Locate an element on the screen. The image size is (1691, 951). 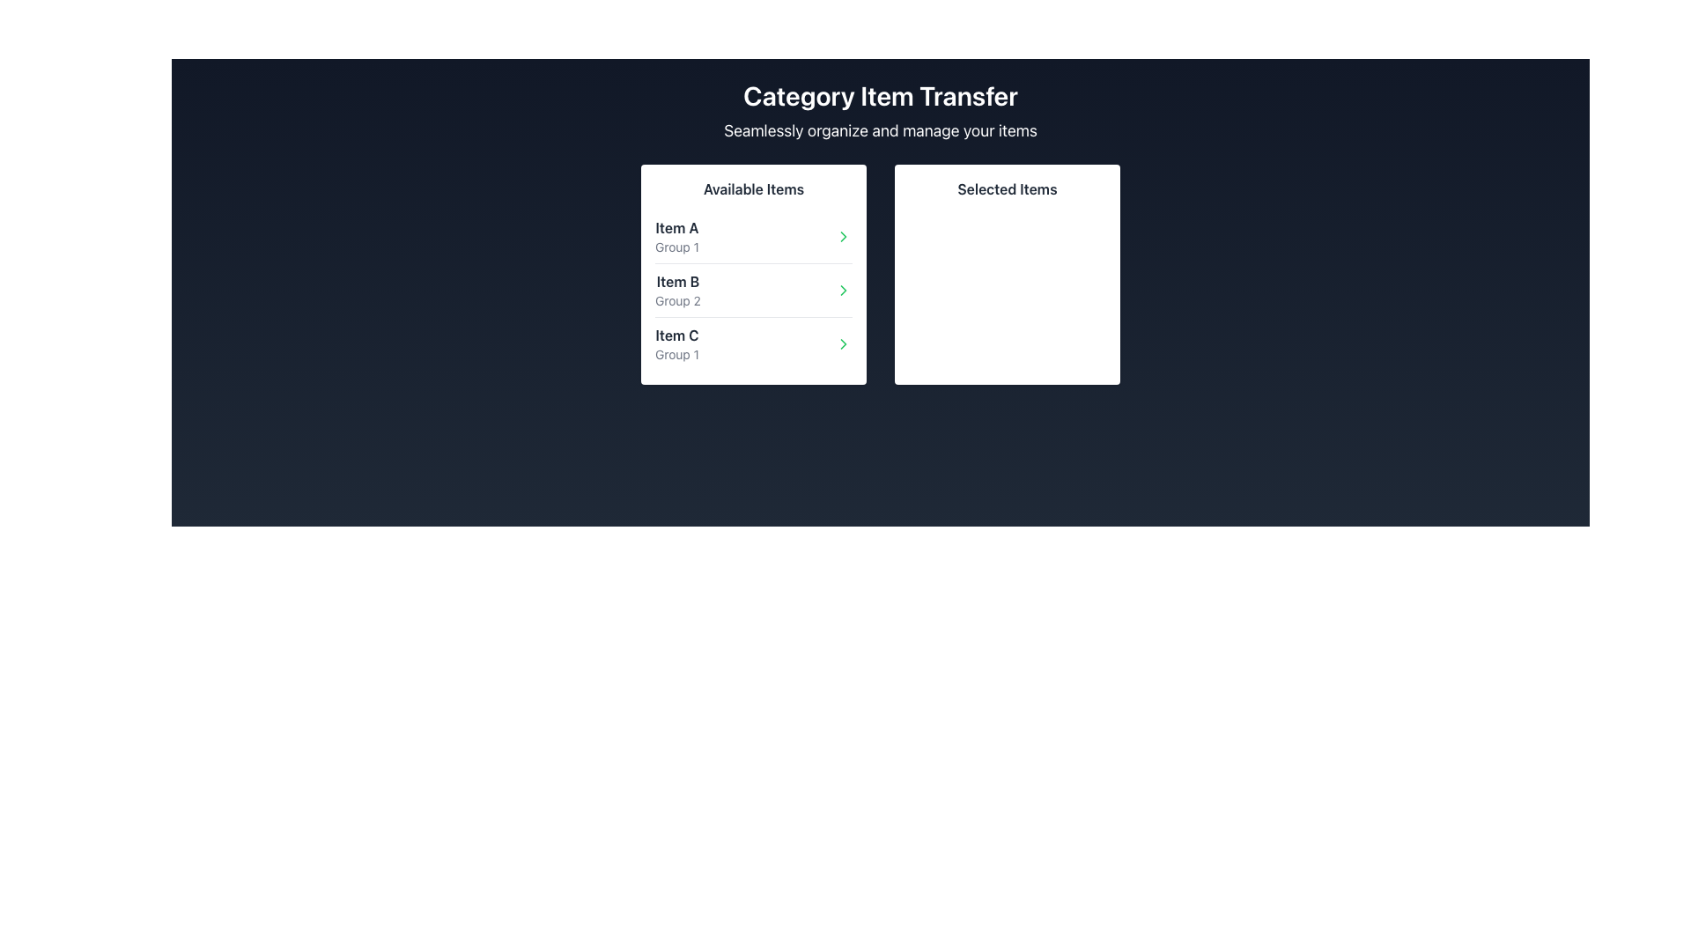
the static text display for 'Item B' under 'Group 2', which is the second item in the 'Available Items' section, located between 'Item A (Group 1)' and 'Item C (Group 1)' is located at coordinates (676, 290).